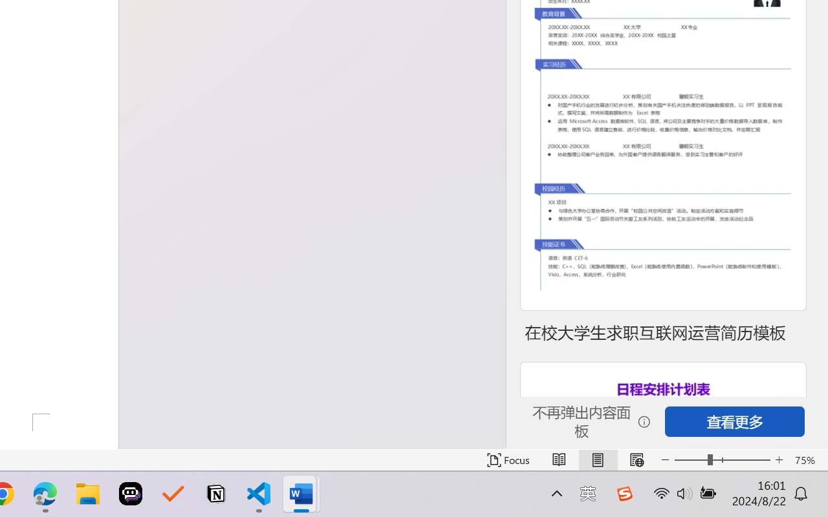 This screenshot has width=828, height=517. What do you see at coordinates (559, 459) in the screenshot?
I see `'Read Mode'` at bounding box center [559, 459].